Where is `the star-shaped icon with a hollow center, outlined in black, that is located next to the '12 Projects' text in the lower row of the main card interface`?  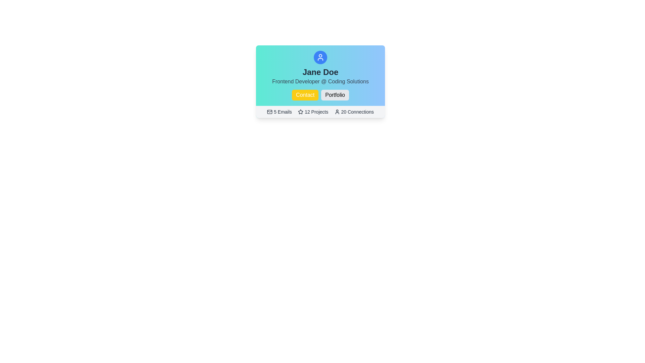 the star-shaped icon with a hollow center, outlined in black, that is located next to the '12 Projects' text in the lower row of the main card interface is located at coordinates (300, 111).